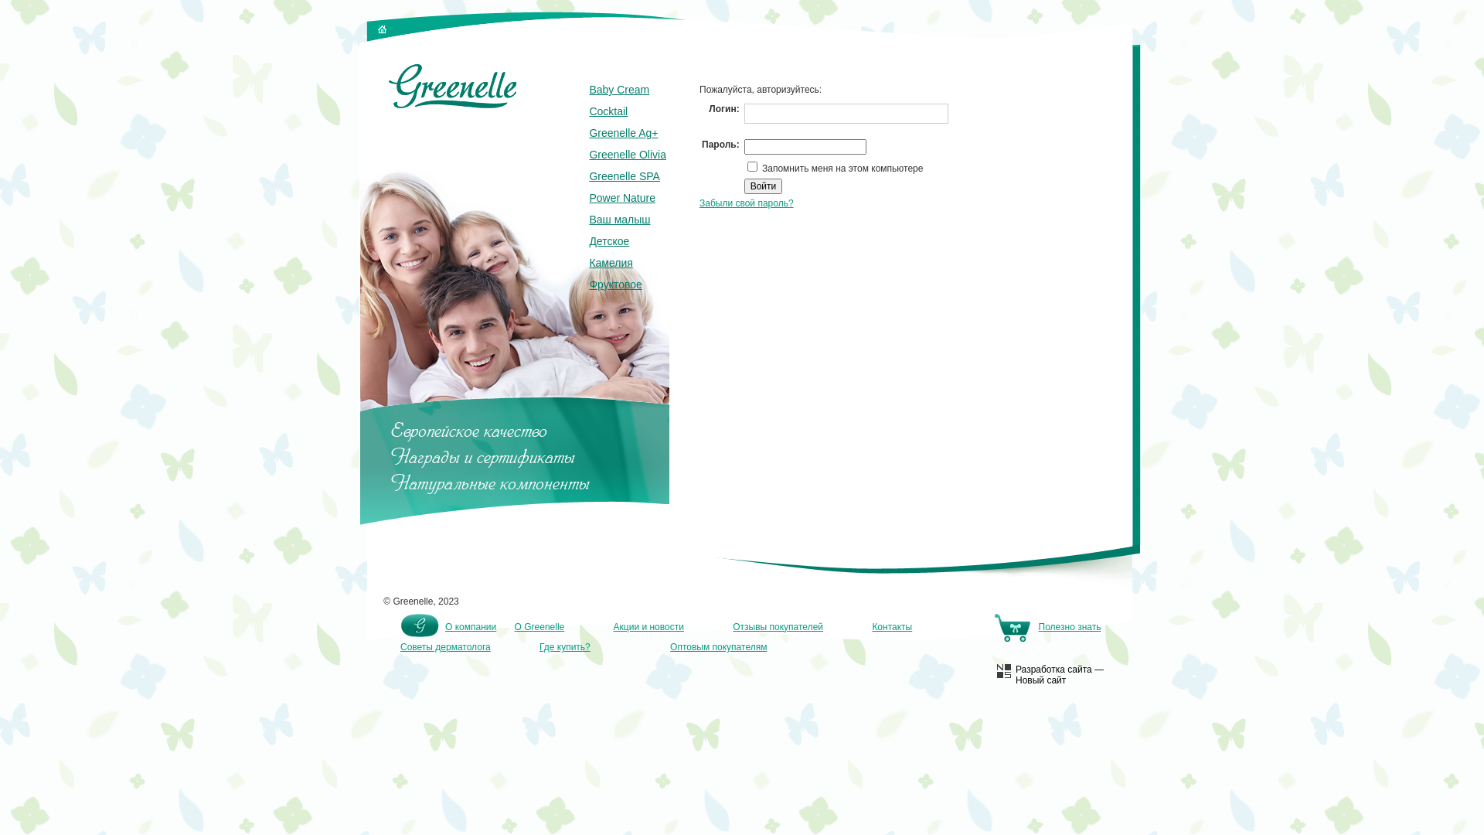 Image resolution: width=1484 pixels, height=835 pixels. What do you see at coordinates (627, 155) in the screenshot?
I see `'Greenelle Olivia'` at bounding box center [627, 155].